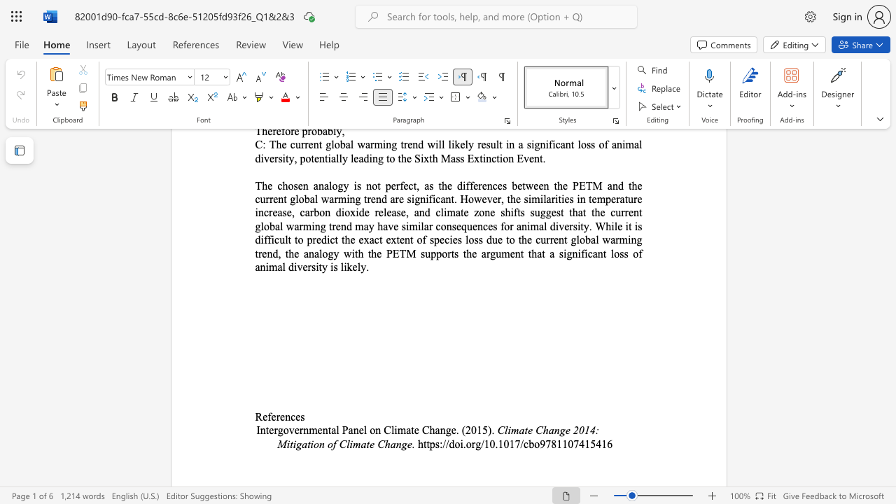 The image size is (896, 504). What do you see at coordinates (274, 416) in the screenshot?
I see `the 2th character "e" in the text` at bounding box center [274, 416].